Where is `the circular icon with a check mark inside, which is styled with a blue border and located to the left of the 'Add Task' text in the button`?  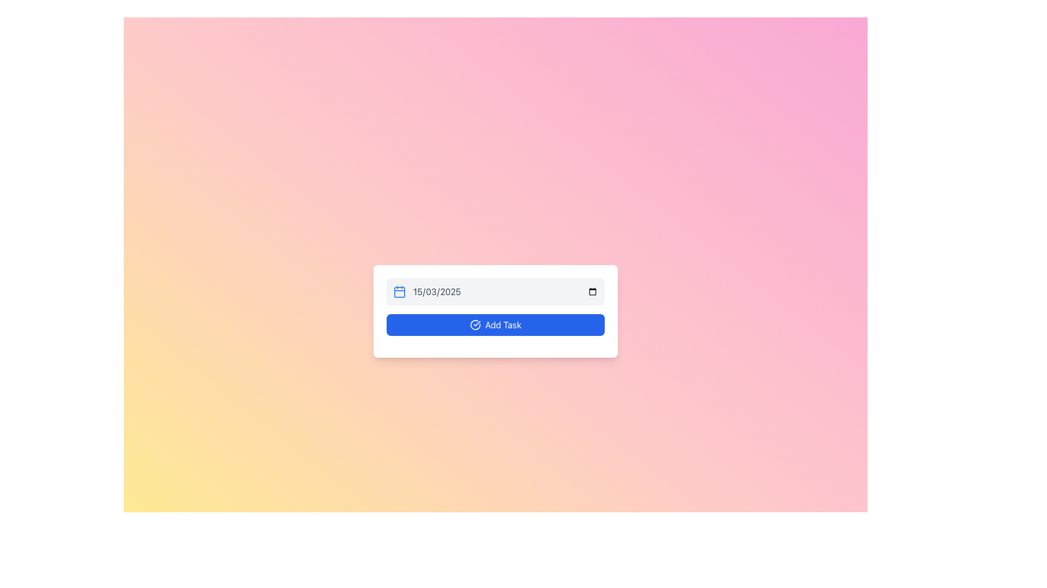 the circular icon with a check mark inside, which is styled with a blue border and located to the left of the 'Add Task' text in the button is located at coordinates (475, 324).